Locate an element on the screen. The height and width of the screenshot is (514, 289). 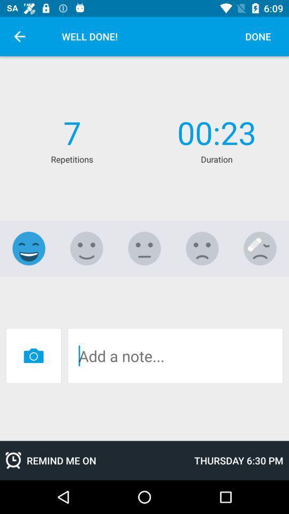
the icon above the 7 icon is located at coordinates (19, 36).